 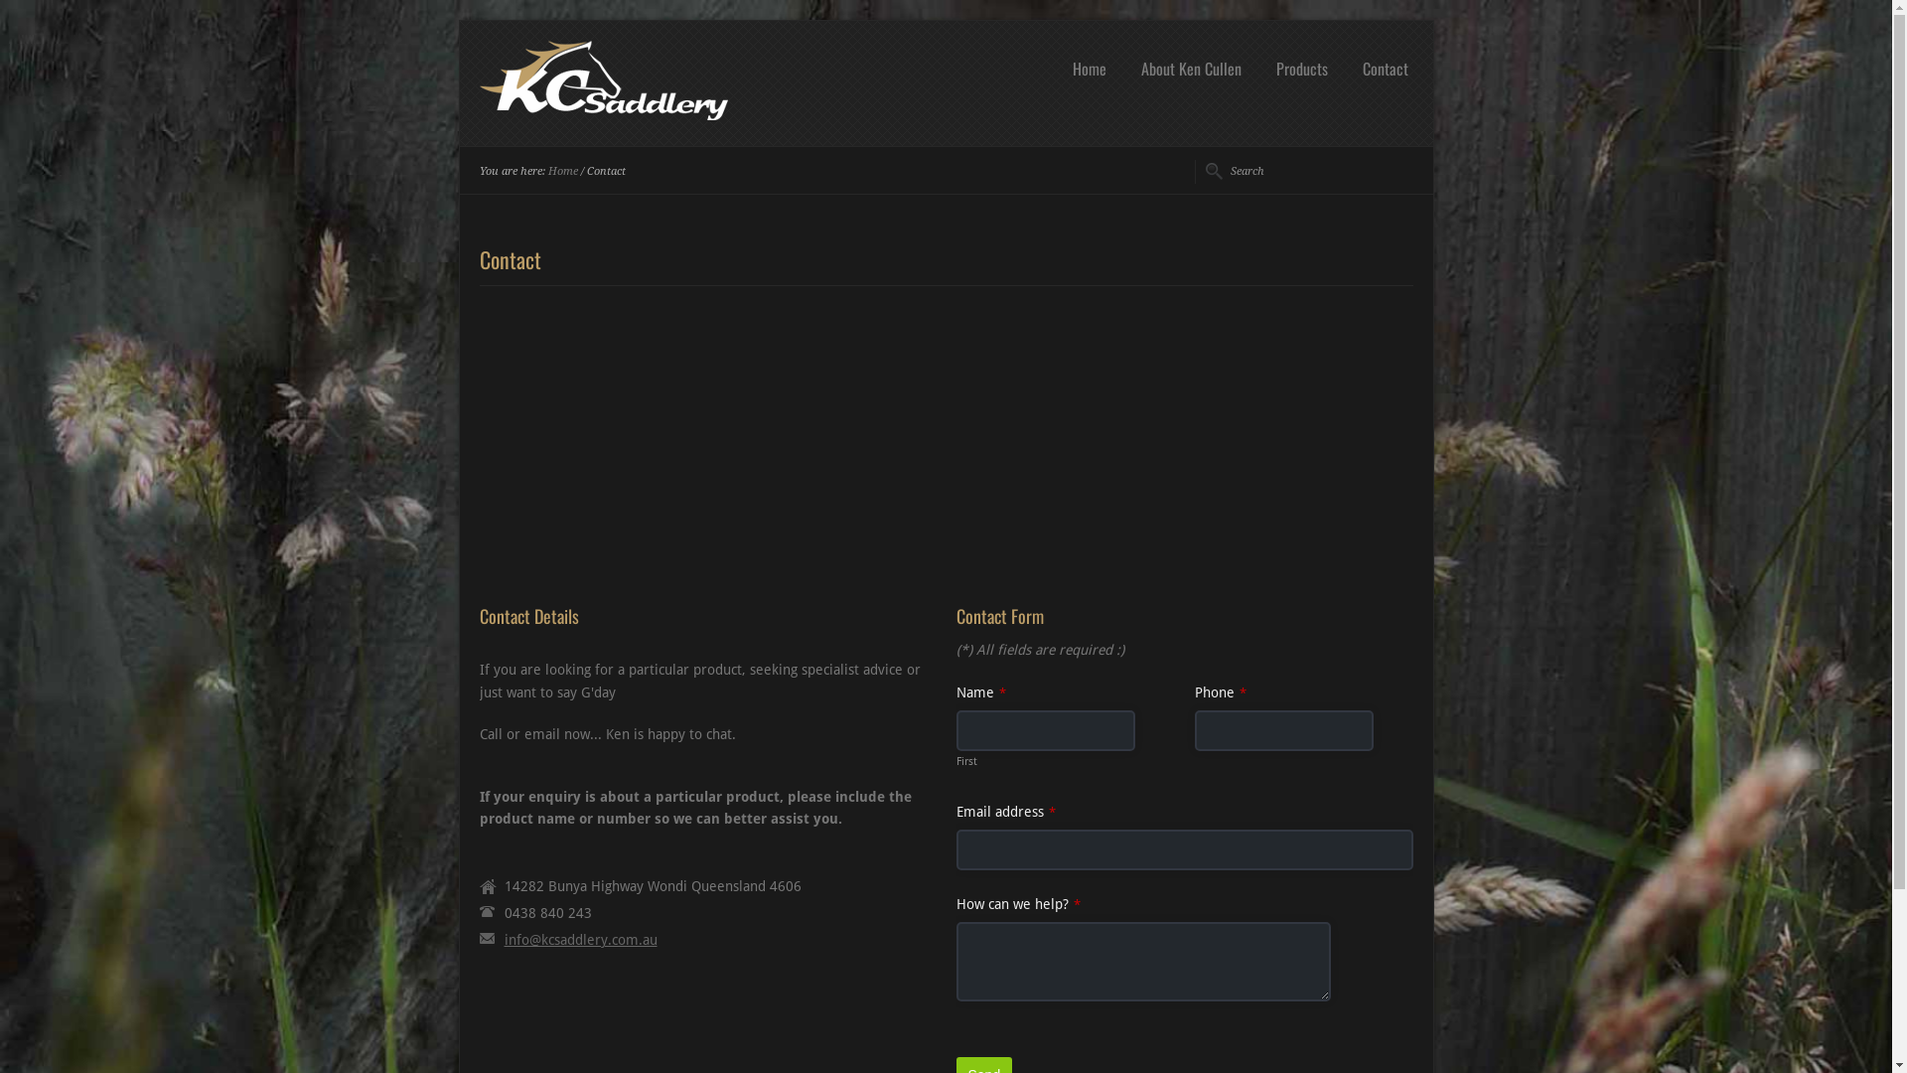 What do you see at coordinates (1356, 68) in the screenshot?
I see `'Contact'` at bounding box center [1356, 68].